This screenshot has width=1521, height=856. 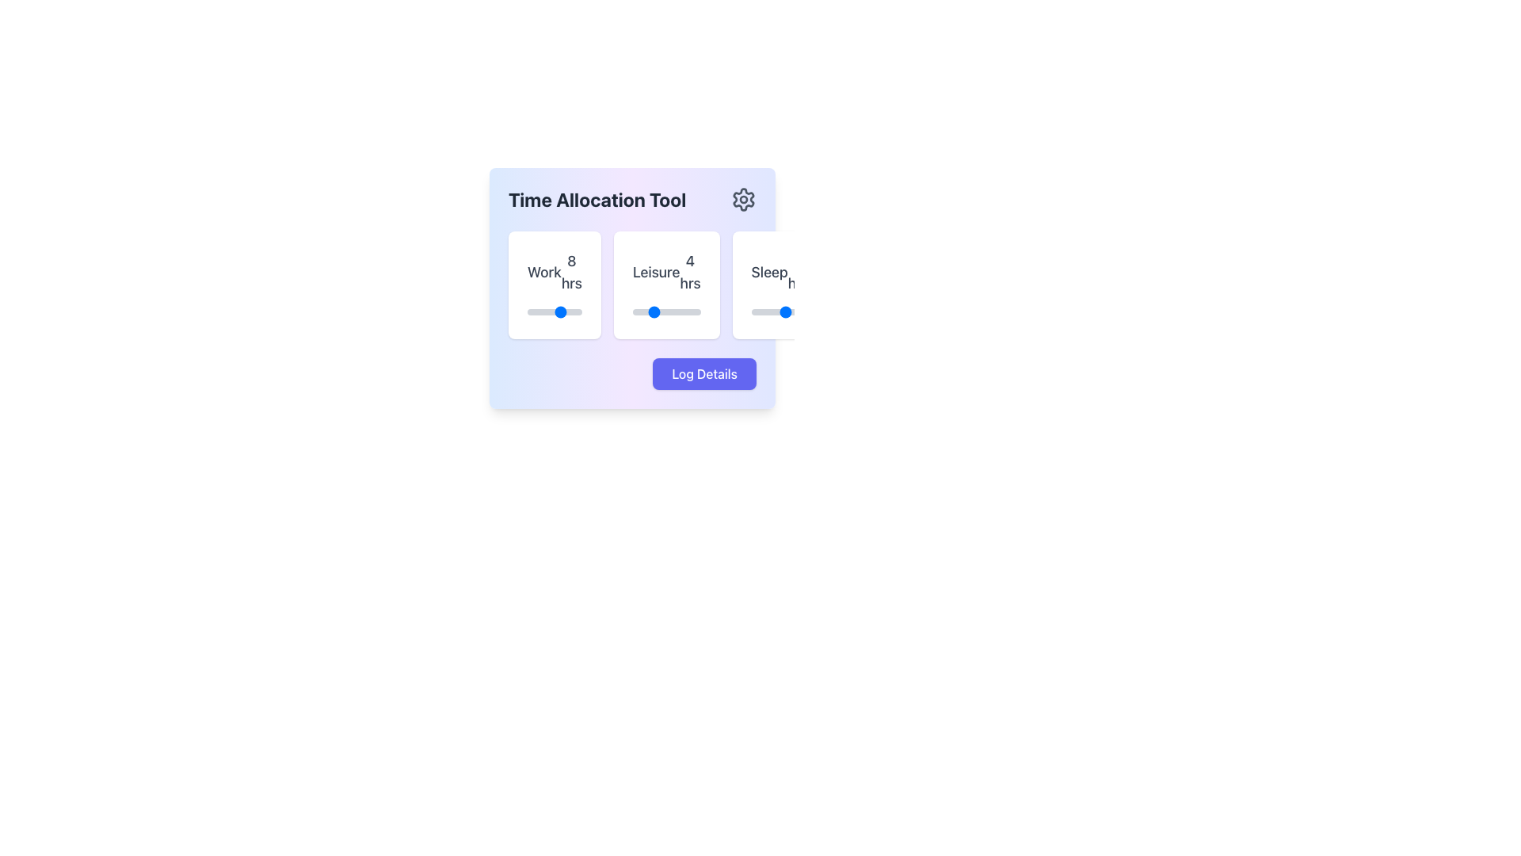 What do you see at coordinates (750, 311) in the screenshot?
I see `sleep hours` at bounding box center [750, 311].